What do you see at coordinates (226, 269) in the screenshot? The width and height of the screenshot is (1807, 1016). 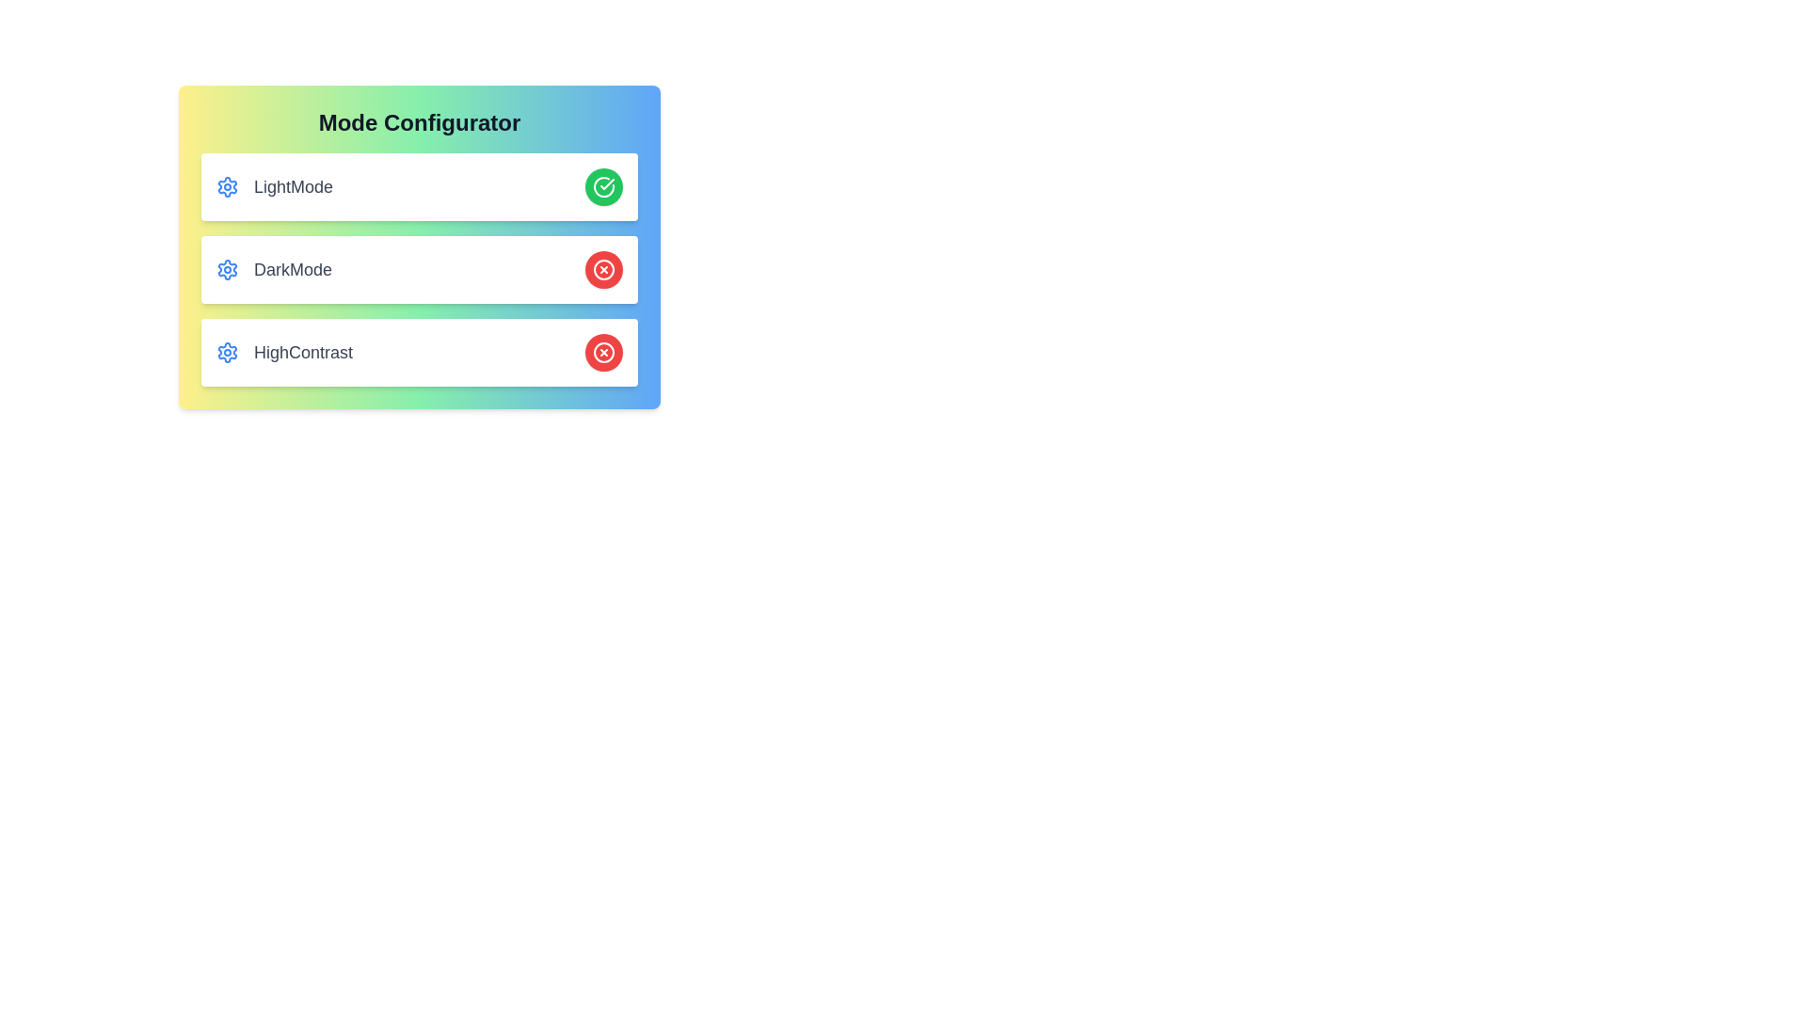 I see `the settings icon for DarkMode` at bounding box center [226, 269].